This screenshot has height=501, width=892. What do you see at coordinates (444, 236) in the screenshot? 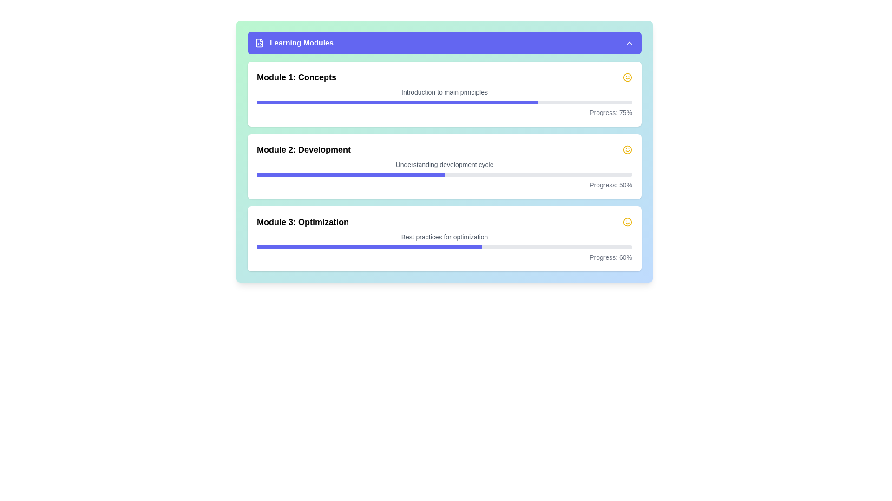
I see `text label providing guidance about Module 3, which focuses on best practices for optimization, located below the module's title and above the progress bar` at bounding box center [444, 236].